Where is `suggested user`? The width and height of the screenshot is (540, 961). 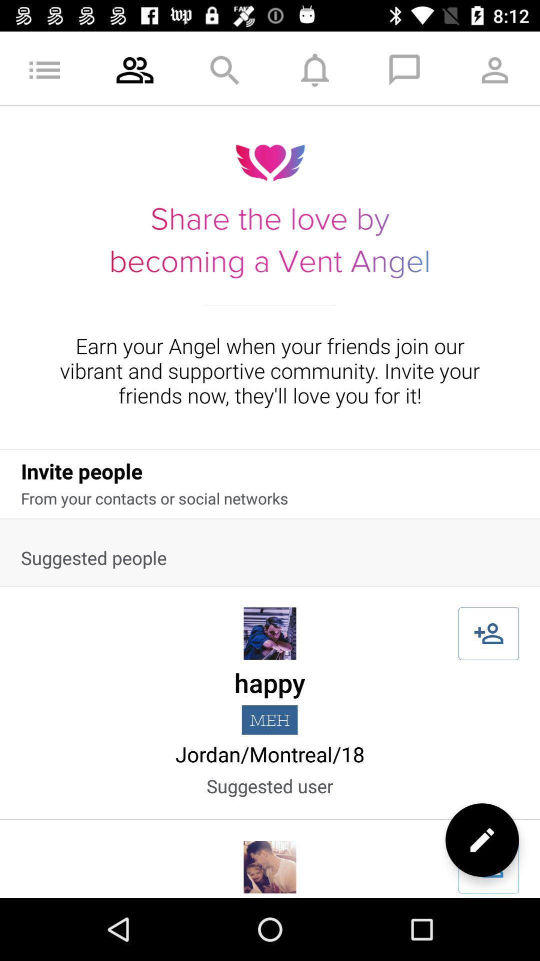 suggested user is located at coordinates (488, 866).